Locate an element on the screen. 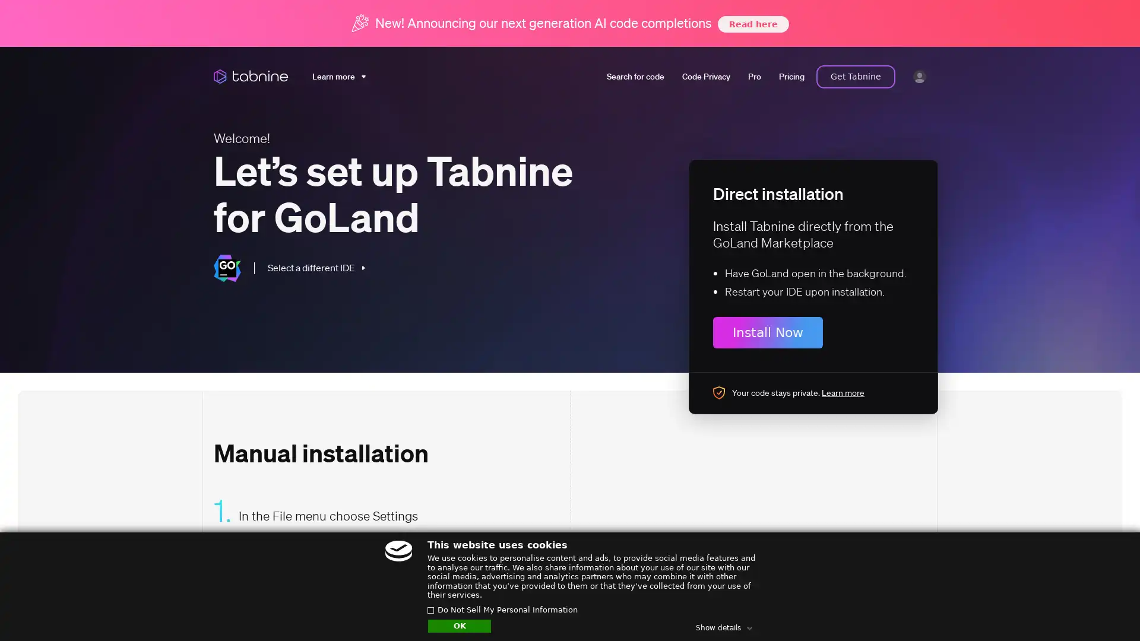 The image size is (1140, 641). Open is located at coordinates (1104, 609).